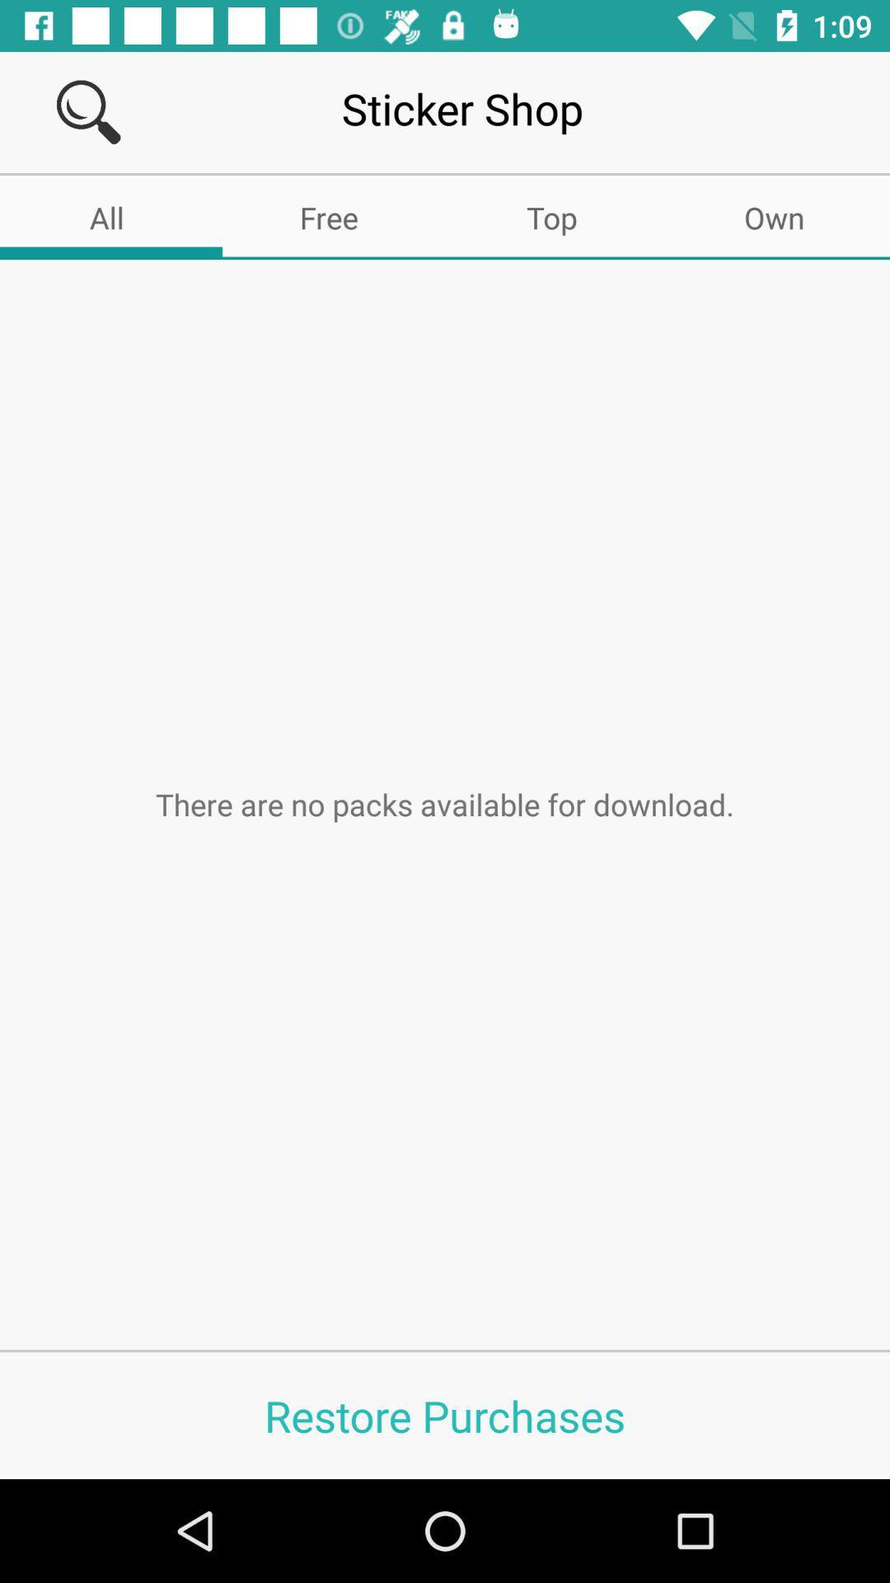 The image size is (890, 1583). I want to click on search the article, so click(88, 111).